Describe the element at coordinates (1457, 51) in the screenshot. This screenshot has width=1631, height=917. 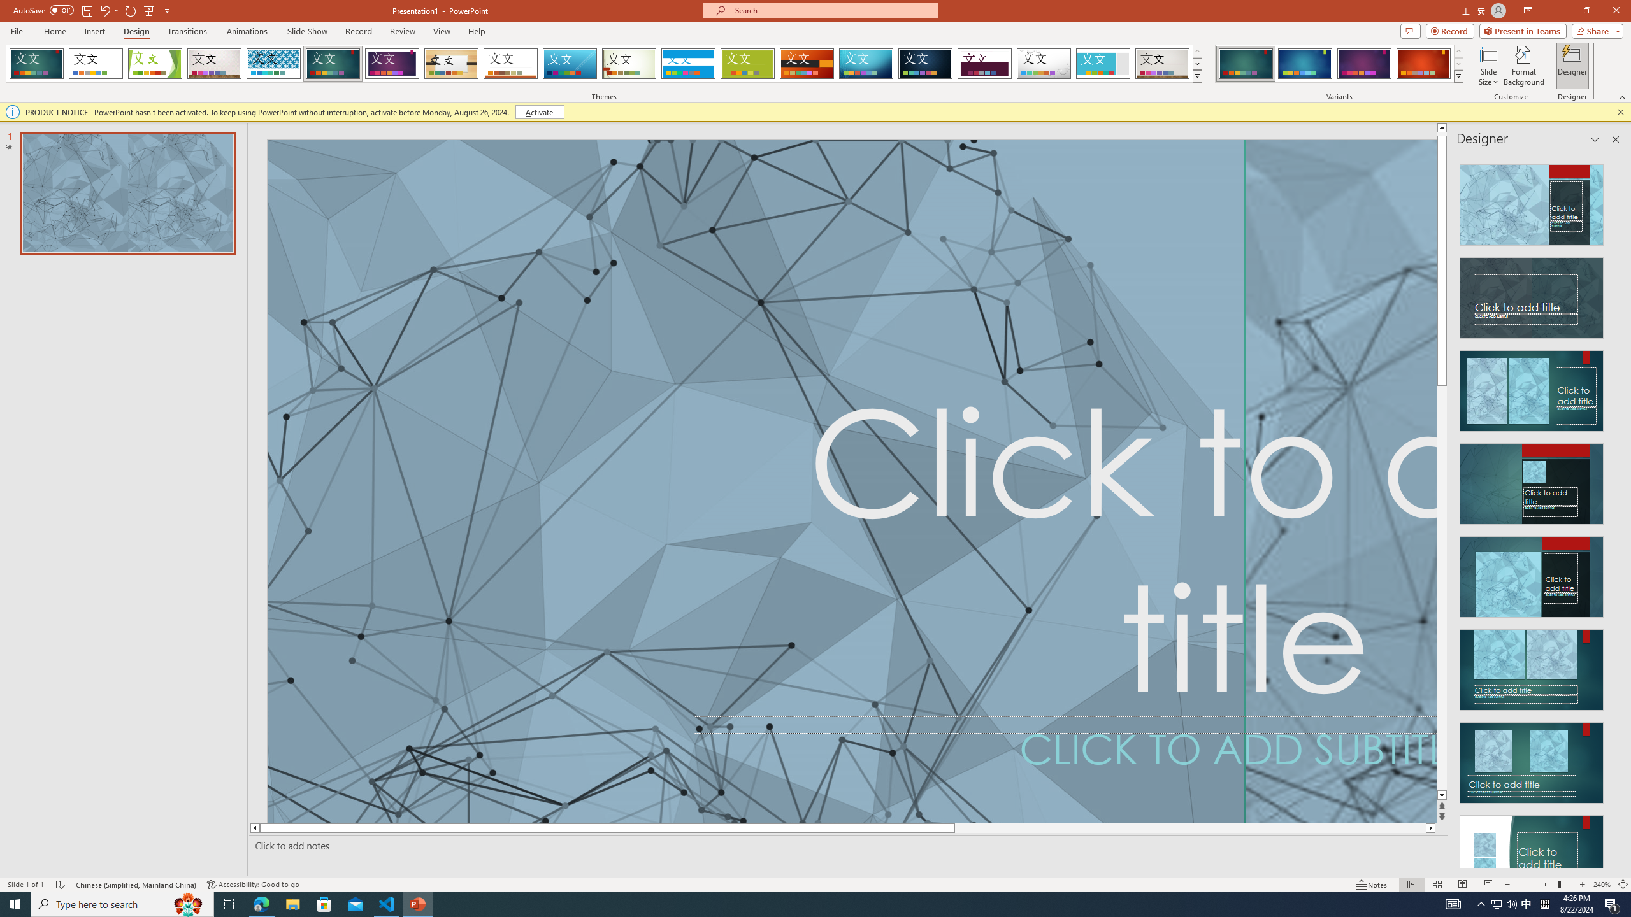
I see `'Row up'` at that location.